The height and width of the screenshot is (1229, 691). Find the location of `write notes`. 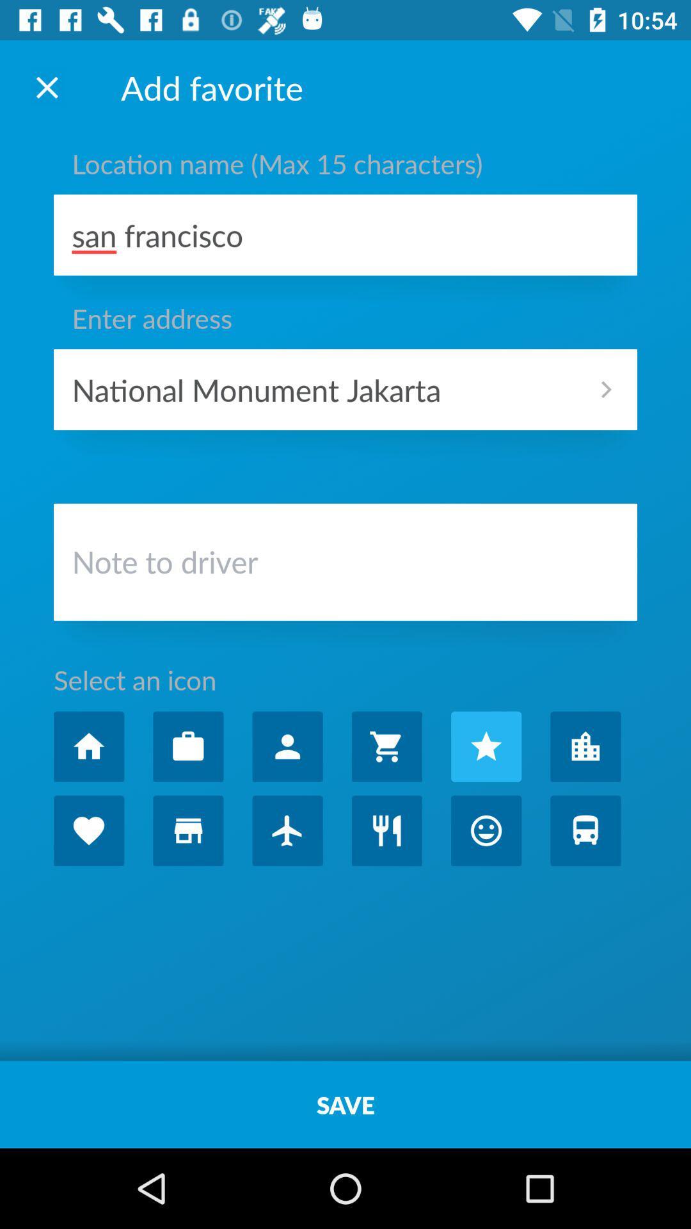

write notes is located at coordinates (345, 565).